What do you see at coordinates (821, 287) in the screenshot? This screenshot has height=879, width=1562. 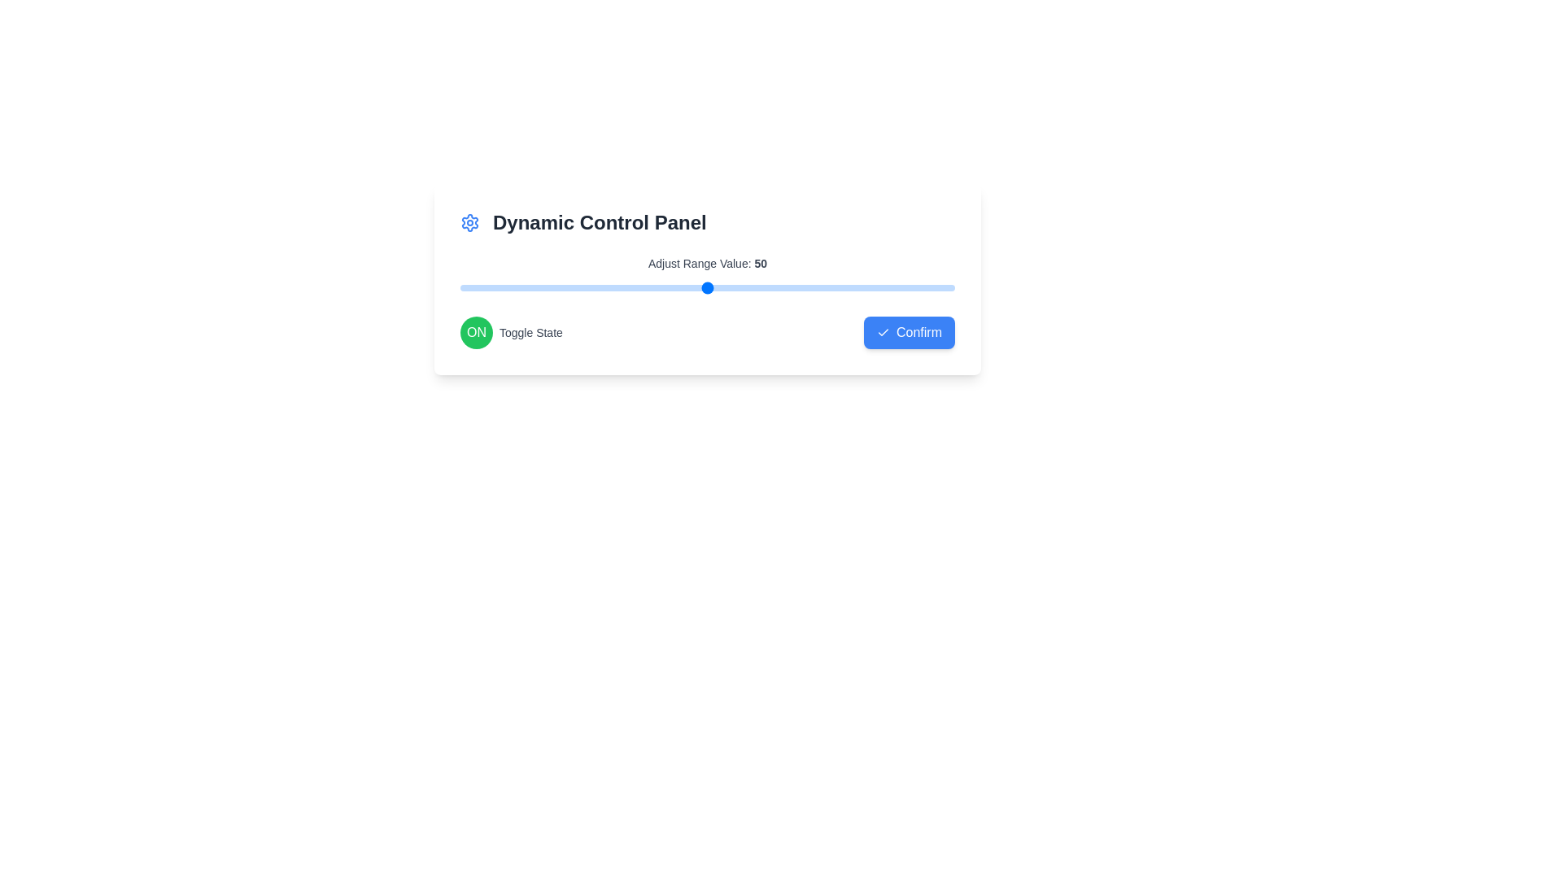 I see `the range value` at bounding box center [821, 287].